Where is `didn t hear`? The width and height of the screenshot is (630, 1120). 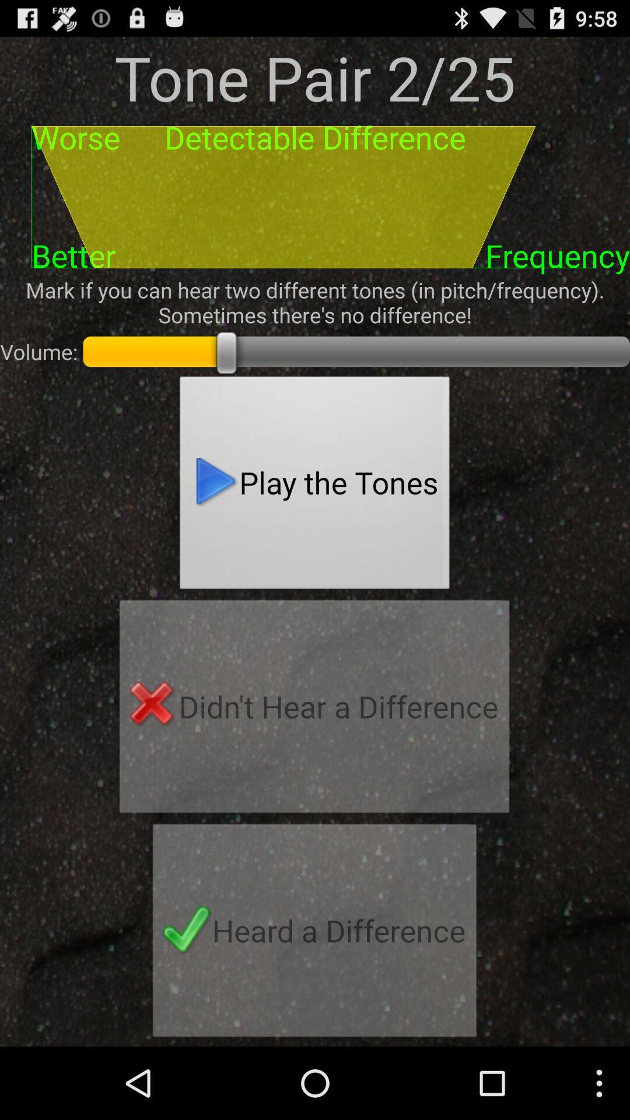
didn t hear is located at coordinates (314, 709).